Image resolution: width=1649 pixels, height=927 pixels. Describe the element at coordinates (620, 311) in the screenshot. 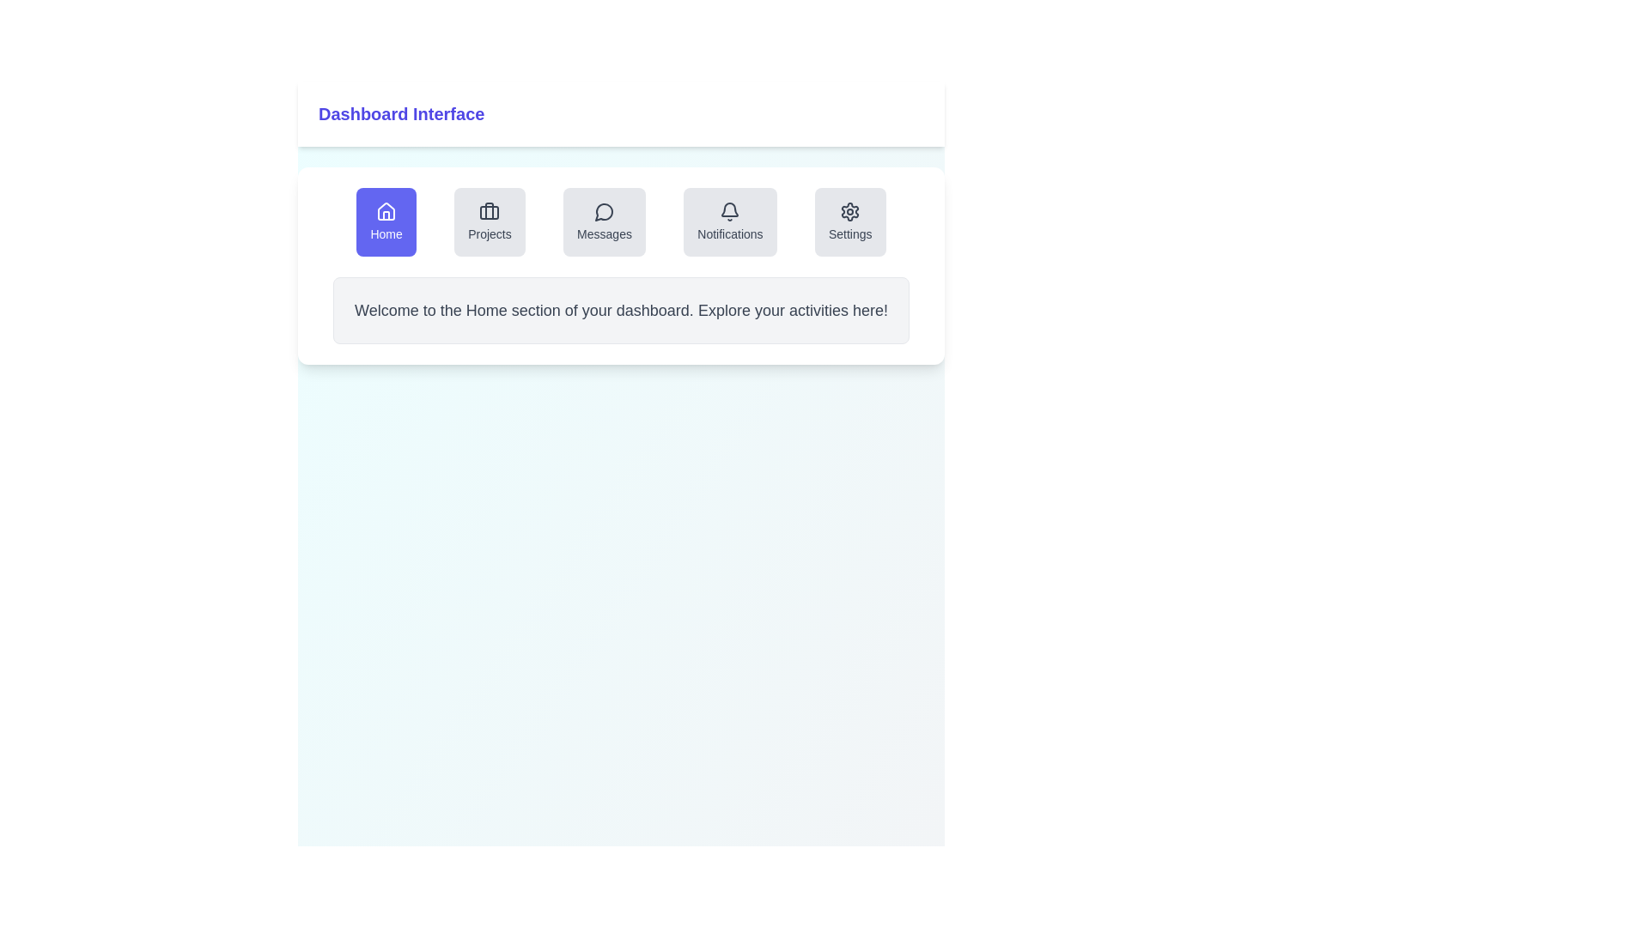

I see `the informational text block located centrally below the navigation row of the dashboard, which guides users about the Home section` at that location.